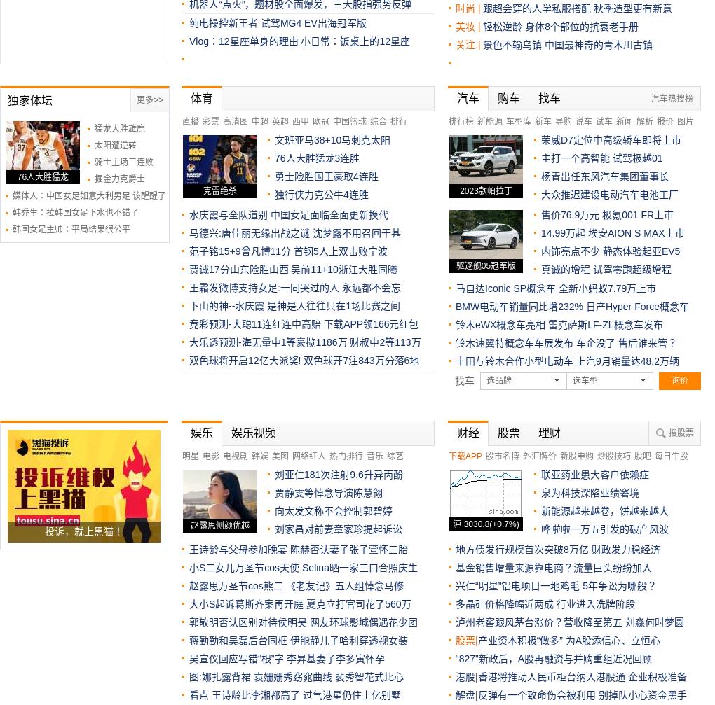  What do you see at coordinates (274, 158) in the screenshot?
I see `'76人大胜猛龙3连胜'` at bounding box center [274, 158].